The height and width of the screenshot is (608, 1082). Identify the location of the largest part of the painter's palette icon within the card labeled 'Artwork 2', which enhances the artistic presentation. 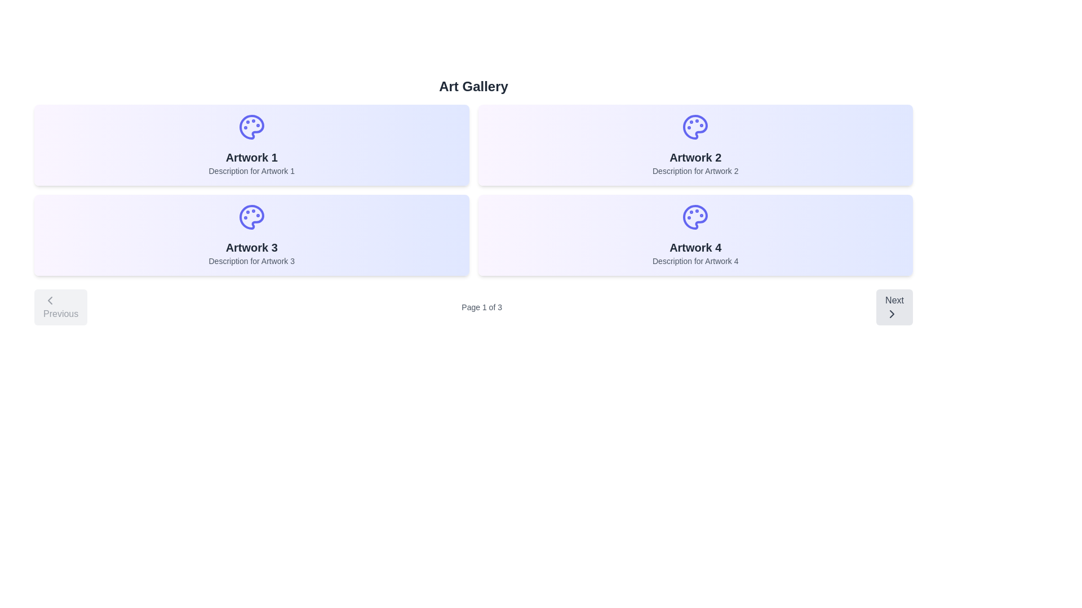
(695, 127).